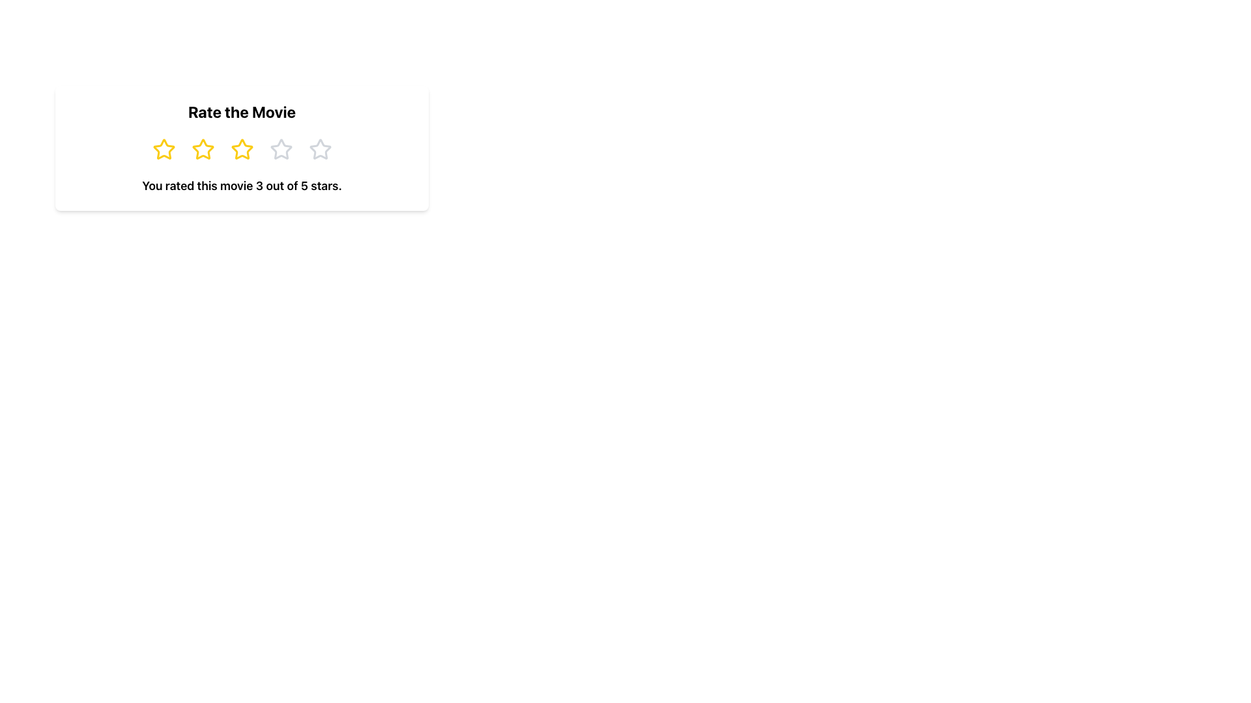 The height and width of the screenshot is (703, 1251). Describe the element at coordinates (320, 148) in the screenshot. I see `the fourth hollow star icon with a gray outline, located in the 'Rate the Movie' card panel` at that location.